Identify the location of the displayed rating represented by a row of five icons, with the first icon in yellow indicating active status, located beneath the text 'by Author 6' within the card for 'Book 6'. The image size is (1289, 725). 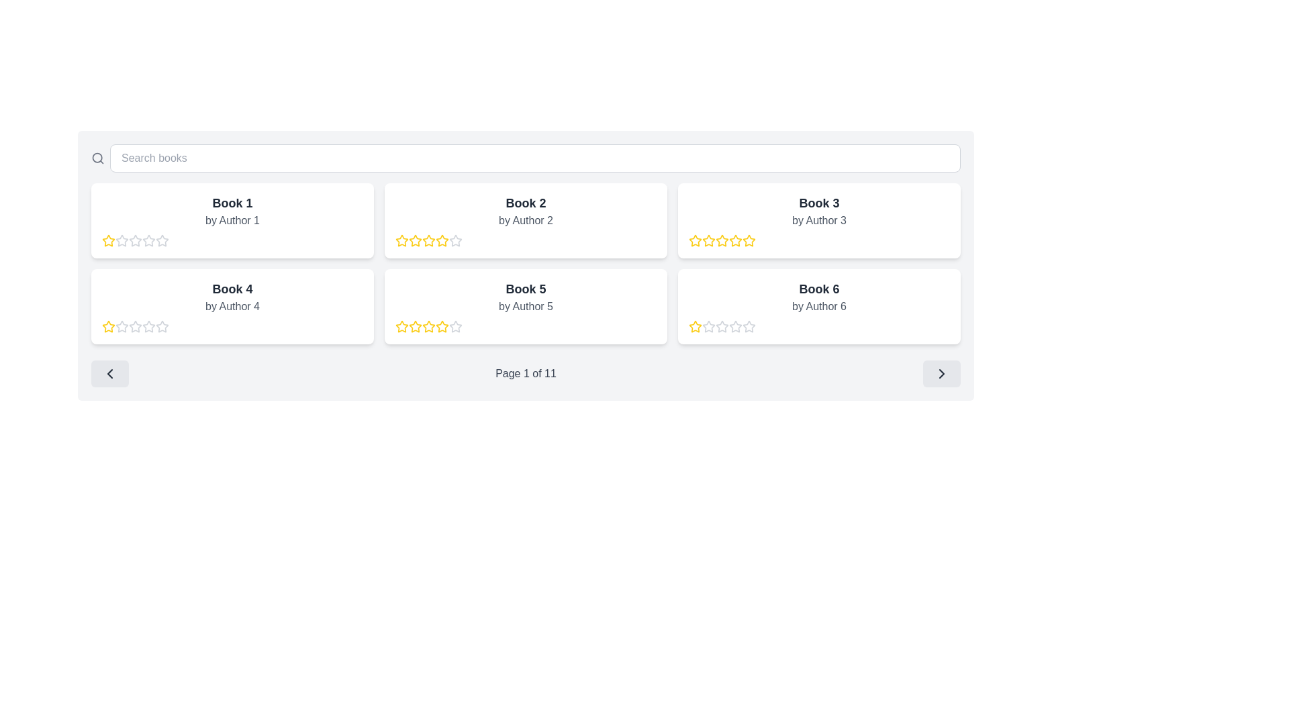
(818, 326).